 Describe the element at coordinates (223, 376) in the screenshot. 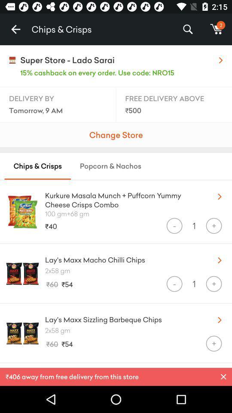

I see `item to the right of 406 away from icon` at that location.